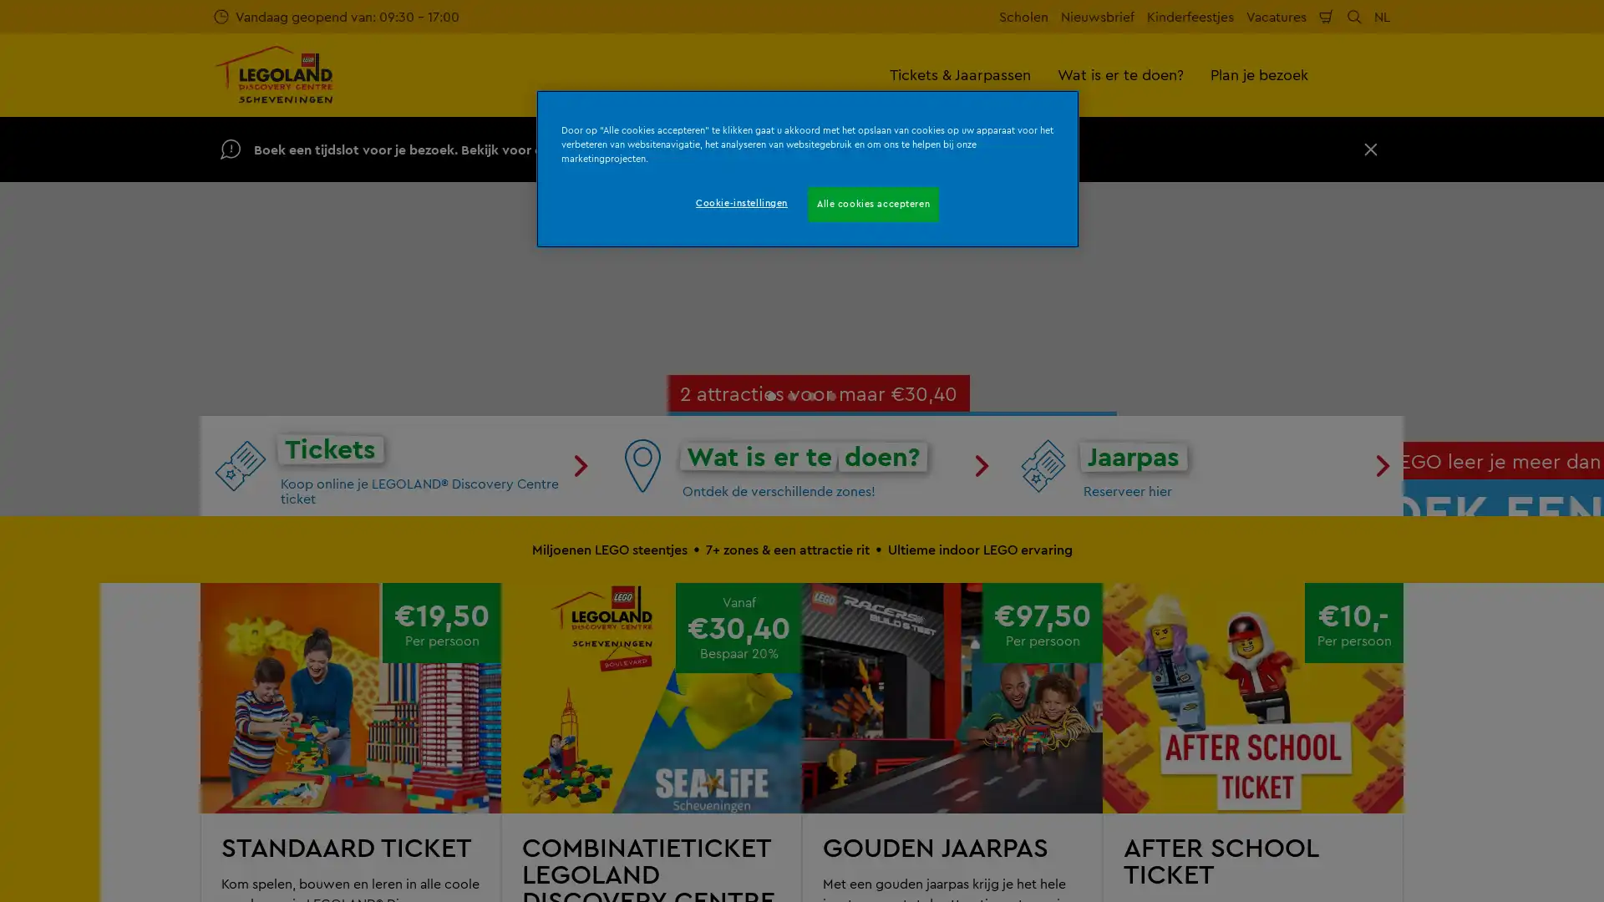 The height and width of the screenshot is (902, 1604). Describe the element at coordinates (811, 712) in the screenshot. I see `Go to slide 3` at that location.